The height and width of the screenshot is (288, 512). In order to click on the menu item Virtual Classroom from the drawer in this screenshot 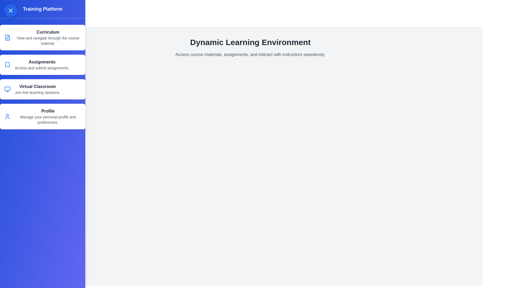, I will do `click(42, 89)`.